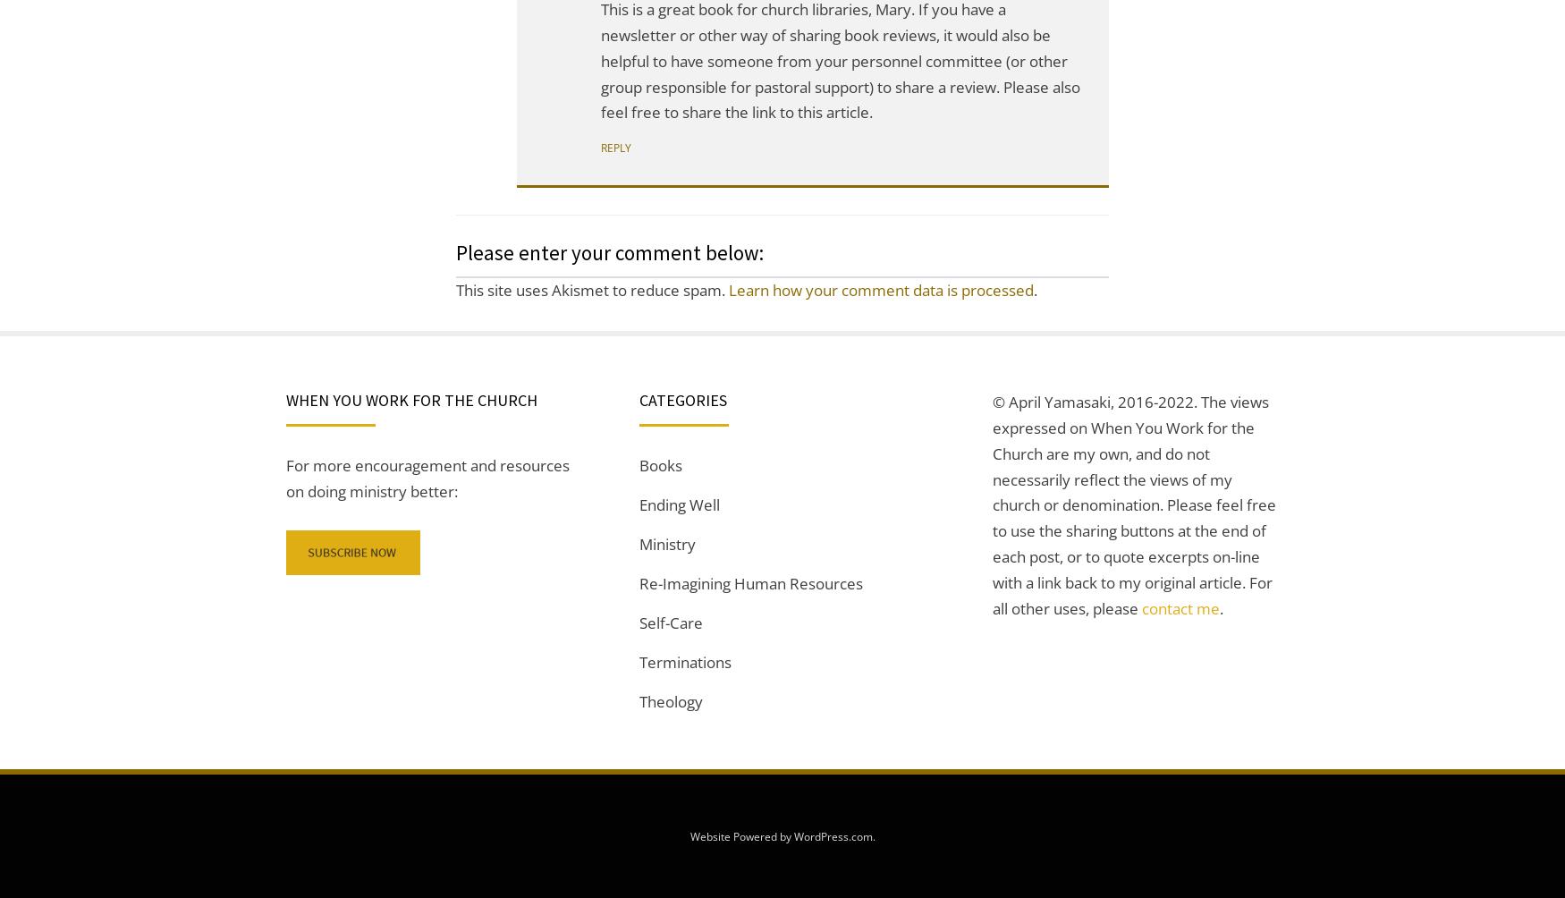 This screenshot has height=898, width=1565. Describe the element at coordinates (639, 465) in the screenshot. I see `'Books'` at that location.